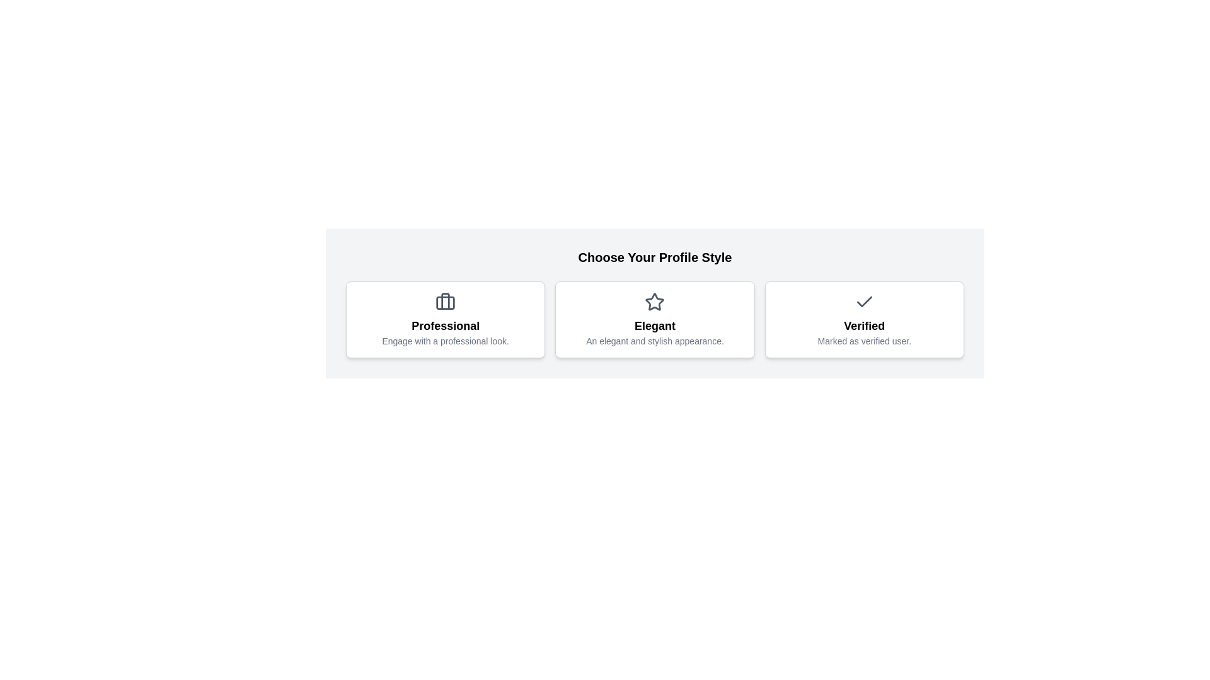  I want to click on the icon representing the Elegant profile style, so click(654, 302).